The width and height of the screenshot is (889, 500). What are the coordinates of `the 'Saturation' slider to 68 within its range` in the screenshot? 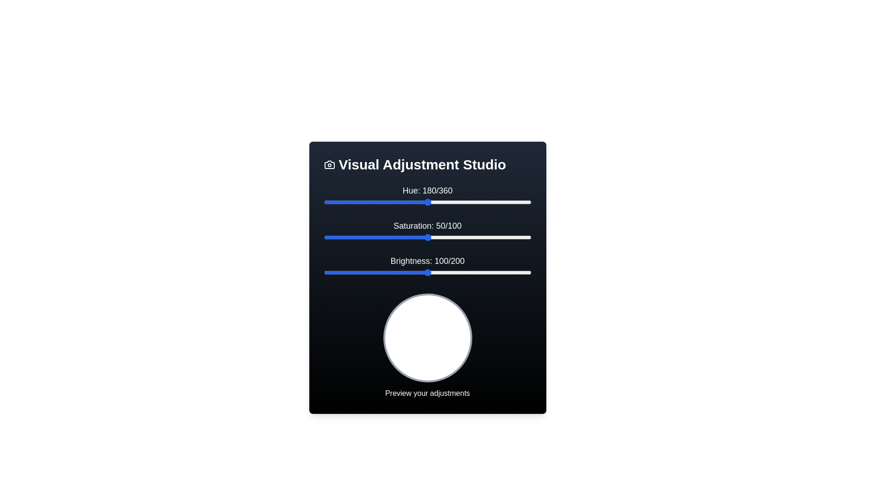 It's located at (465, 237).